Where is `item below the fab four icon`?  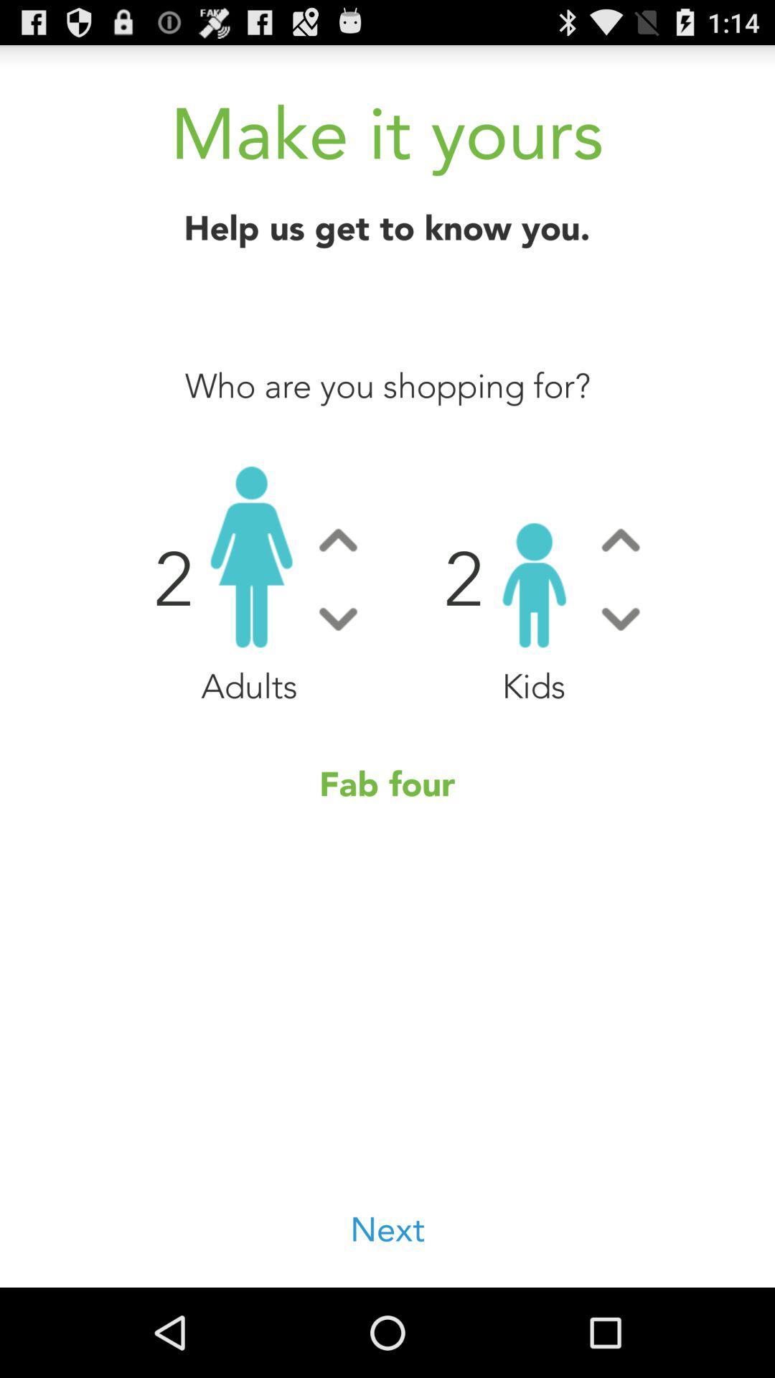 item below the fab four icon is located at coordinates (387, 1230).